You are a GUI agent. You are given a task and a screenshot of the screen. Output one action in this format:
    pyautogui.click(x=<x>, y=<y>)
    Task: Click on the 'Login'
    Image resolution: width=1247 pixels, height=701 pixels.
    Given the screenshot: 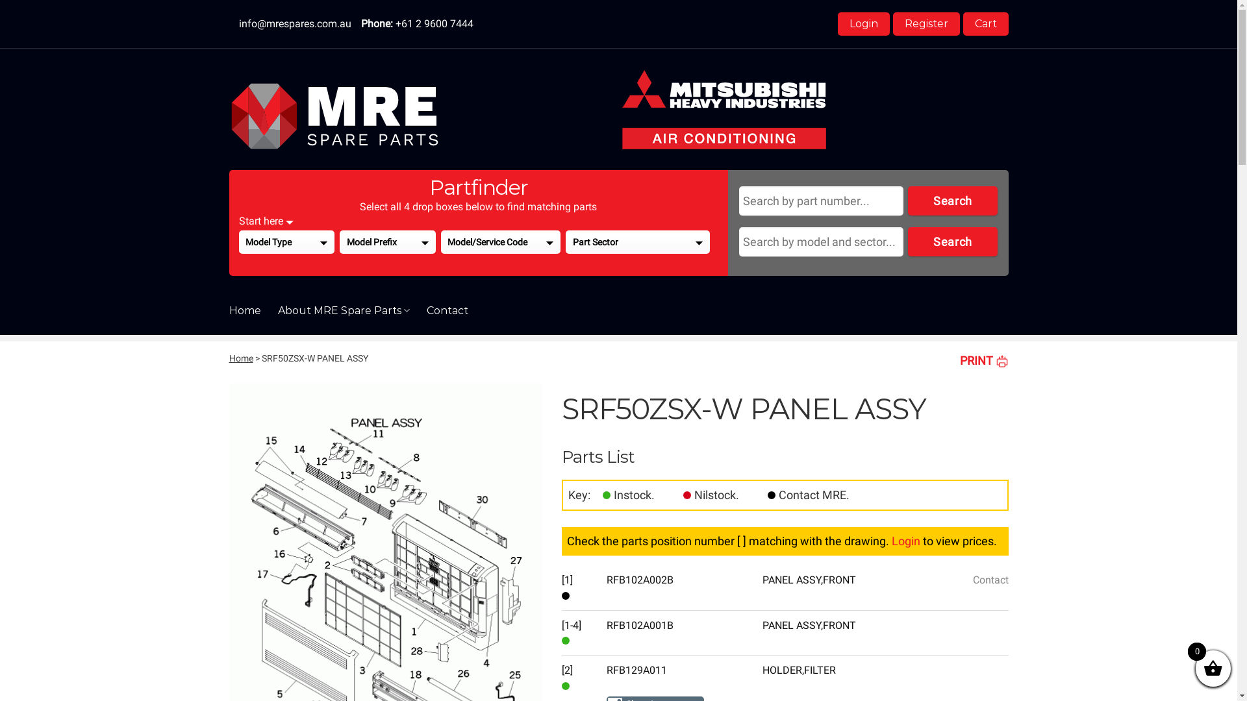 What is the action you would take?
    pyautogui.click(x=838, y=24)
    